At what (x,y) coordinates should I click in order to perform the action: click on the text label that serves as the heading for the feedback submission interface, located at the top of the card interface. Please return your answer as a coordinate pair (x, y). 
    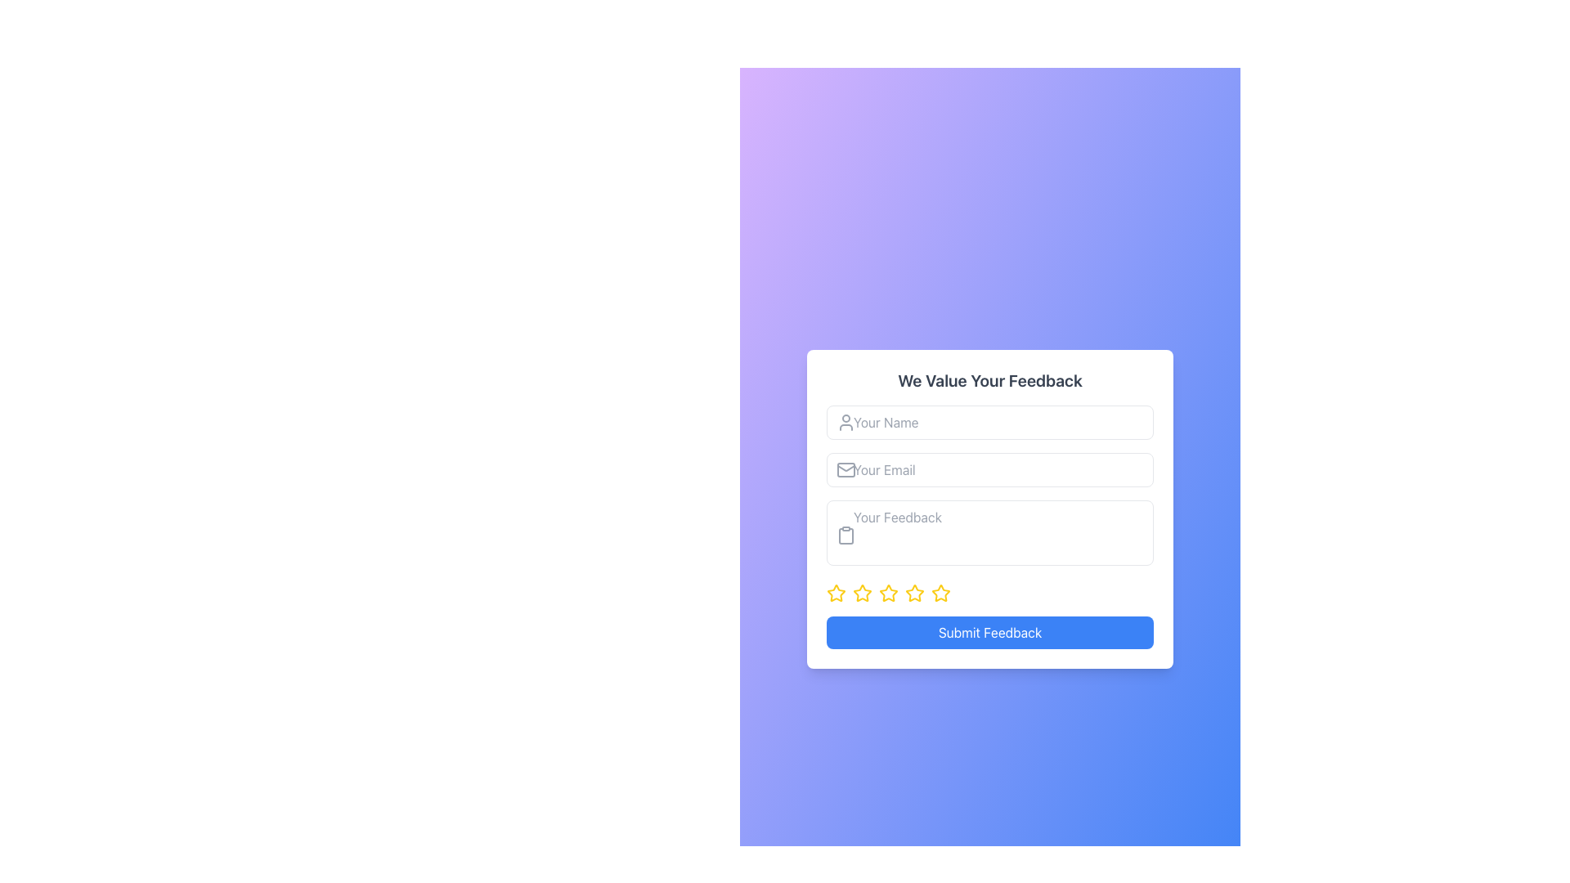
    Looking at the image, I should click on (989, 381).